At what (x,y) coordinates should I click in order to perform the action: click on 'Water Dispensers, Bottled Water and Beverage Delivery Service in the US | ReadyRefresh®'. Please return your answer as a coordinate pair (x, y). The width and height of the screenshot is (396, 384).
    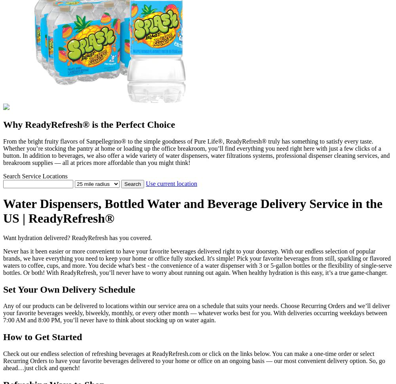
    Looking at the image, I should click on (192, 210).